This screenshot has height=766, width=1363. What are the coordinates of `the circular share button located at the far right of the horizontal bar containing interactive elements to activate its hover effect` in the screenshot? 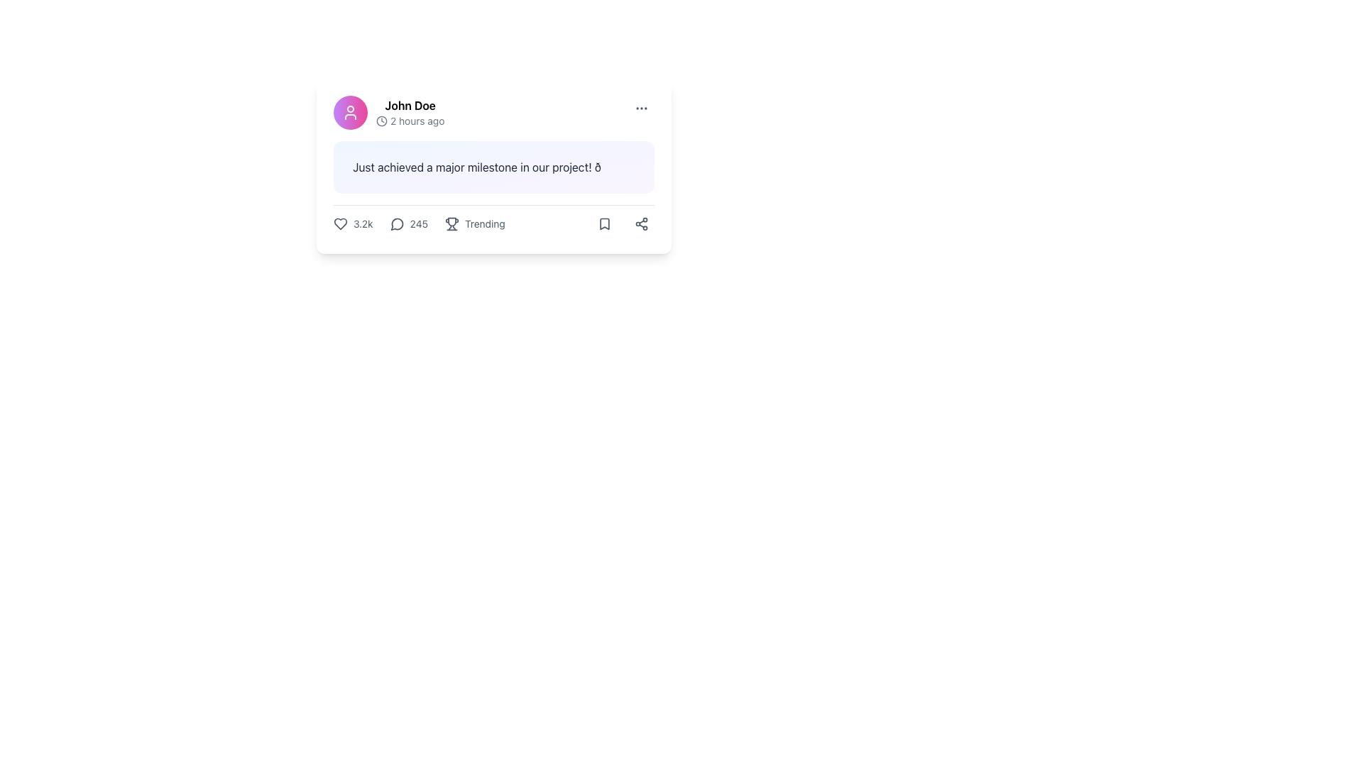 It's located at (640, 223).